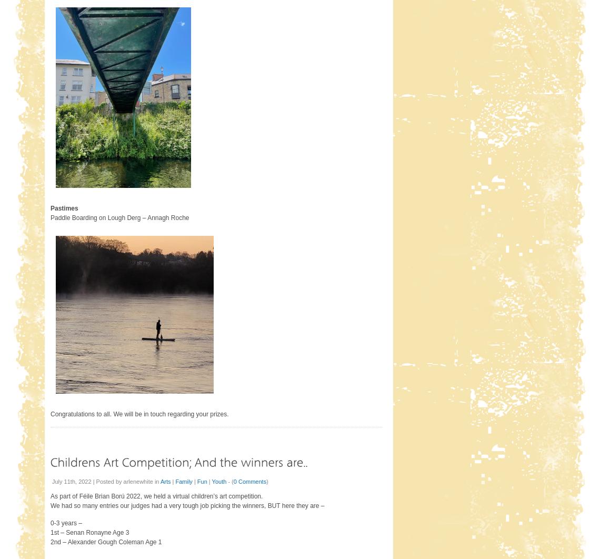  Describe the element at coordinates (63, 207) in the screenshot. I see `'Pastimes'` at that location.